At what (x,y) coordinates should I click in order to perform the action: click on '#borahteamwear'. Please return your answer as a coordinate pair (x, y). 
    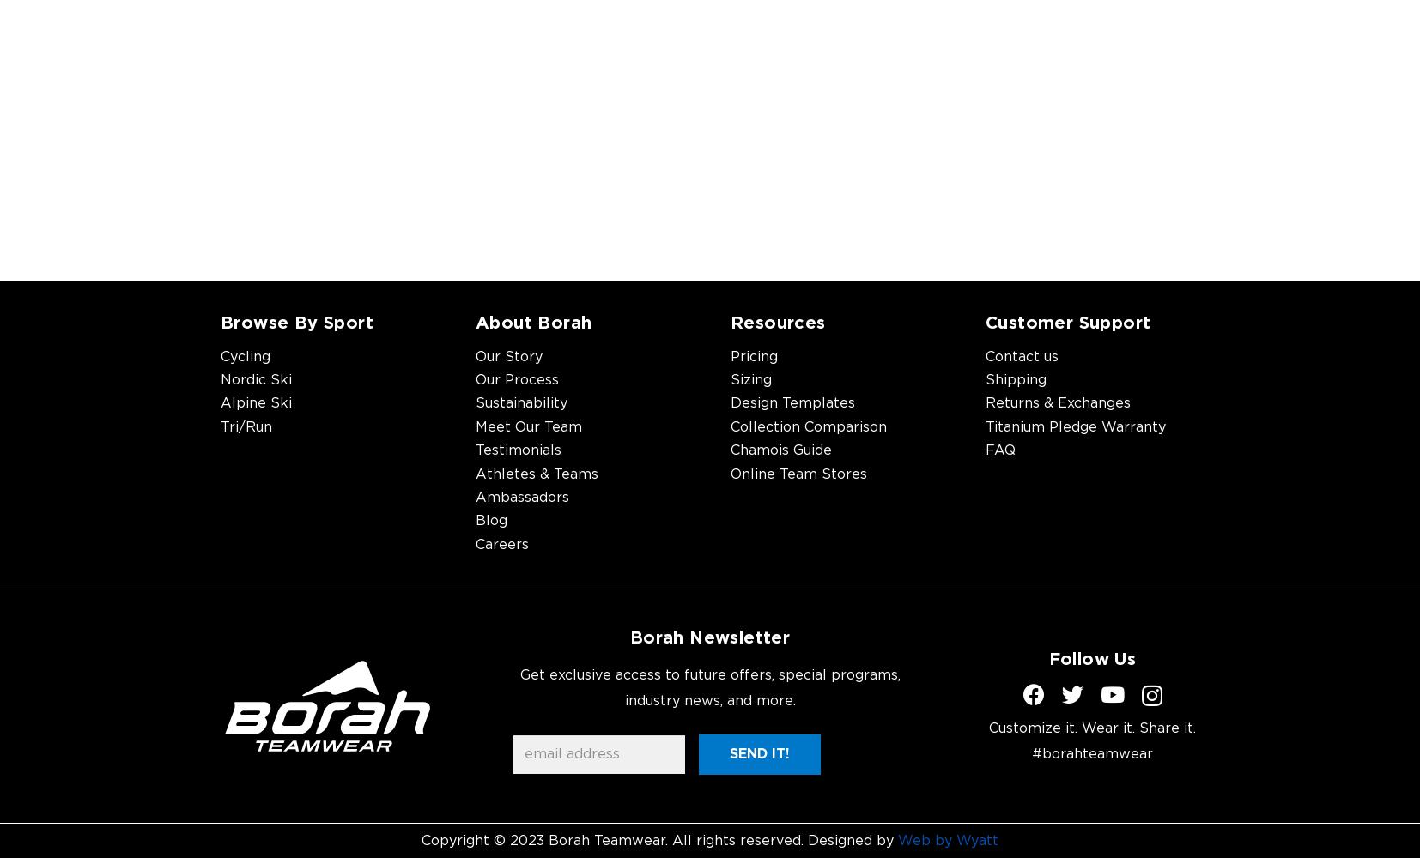
    Looking at the image, I should click on (1030, 754).